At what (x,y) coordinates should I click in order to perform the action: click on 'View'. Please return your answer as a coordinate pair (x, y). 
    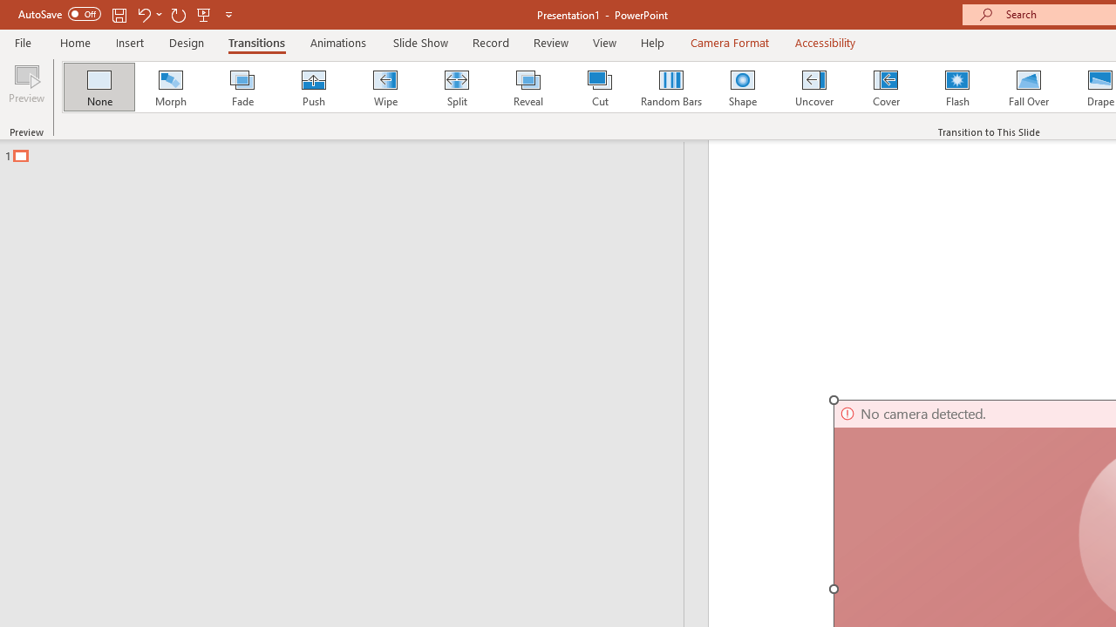
    Looking at the image, I should click on (604, 42).